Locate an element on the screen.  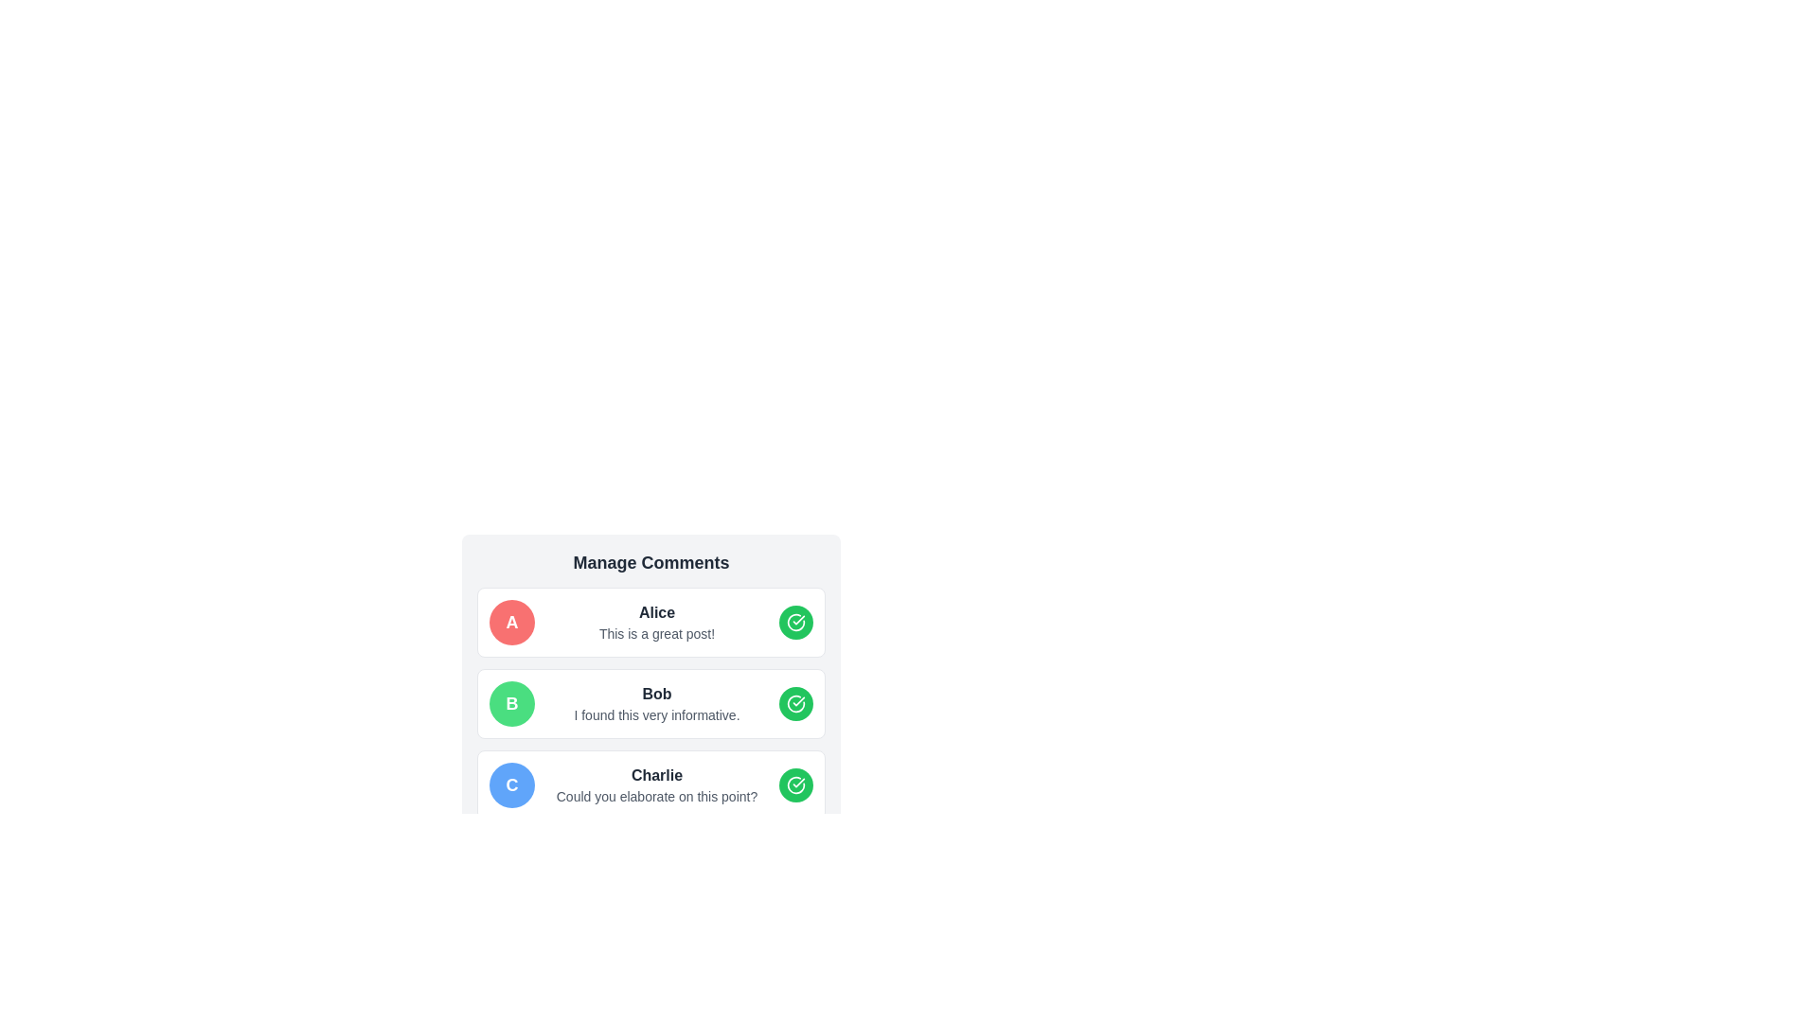
the icon button located in the first row of the comment list adjacent to 'Alice' is located at coordinates (795, 623).